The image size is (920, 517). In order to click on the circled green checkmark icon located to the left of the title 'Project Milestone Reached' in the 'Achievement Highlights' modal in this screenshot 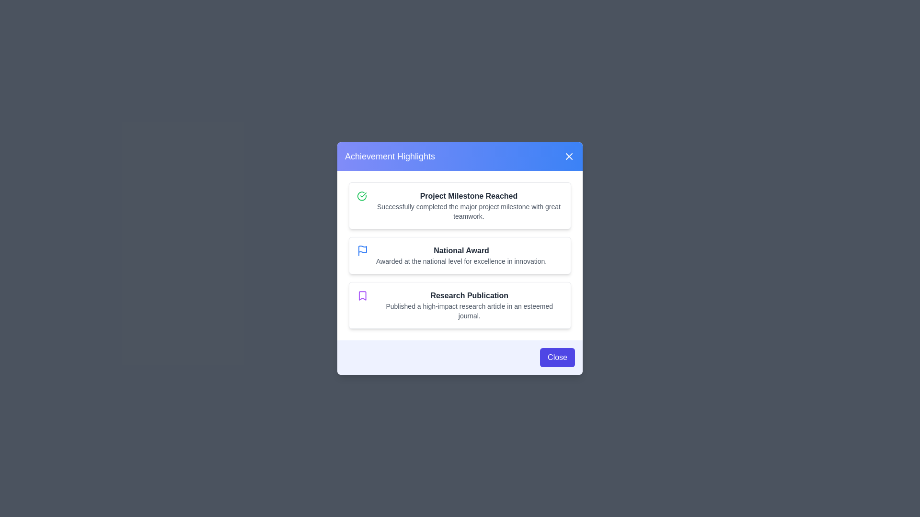, I will do `click(361, 195)`.